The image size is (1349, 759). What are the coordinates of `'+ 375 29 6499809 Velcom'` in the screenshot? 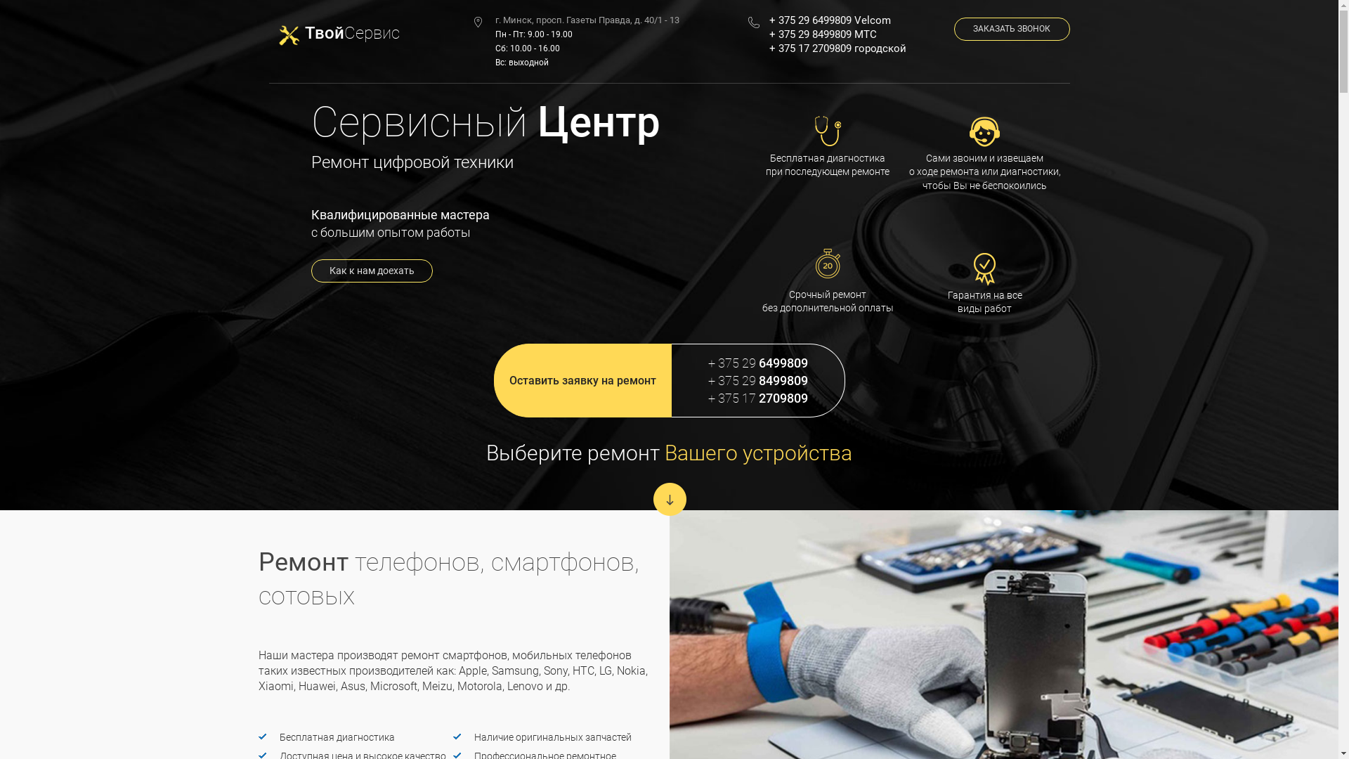 It's located at (850, 20).